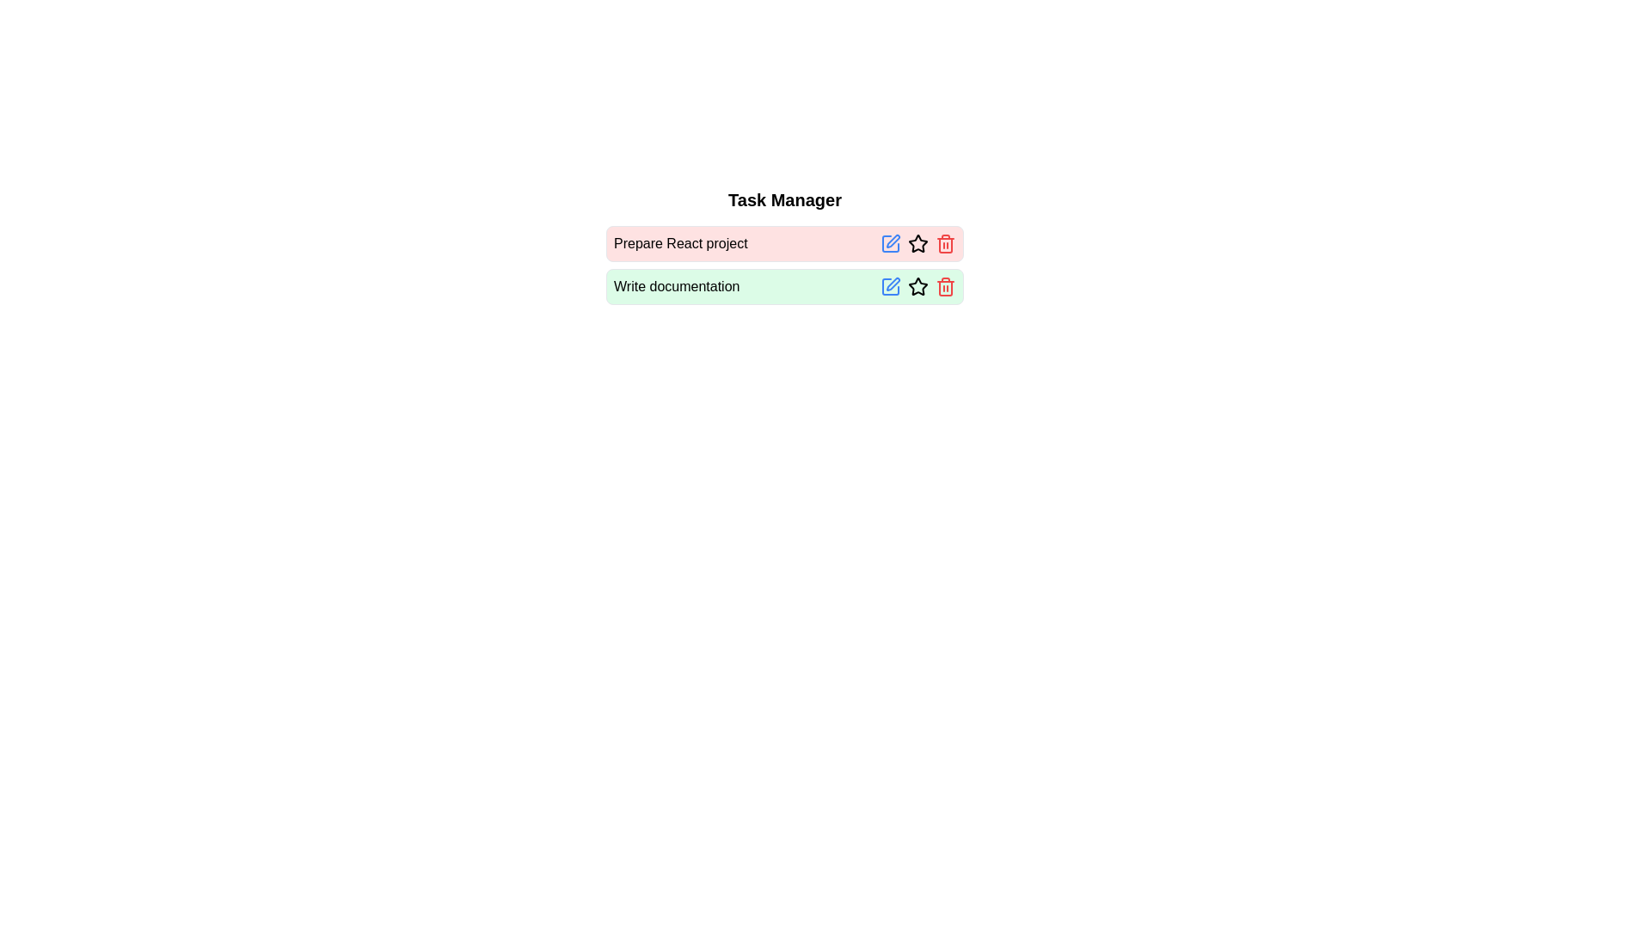  Describe the element at coordinates (944, 286) in the screenshot. I see `the red trash can icon-button, which is the third icon in the action buttons for the 'Write documentation' task, to potentially see a tooltip describing its function` at that location.